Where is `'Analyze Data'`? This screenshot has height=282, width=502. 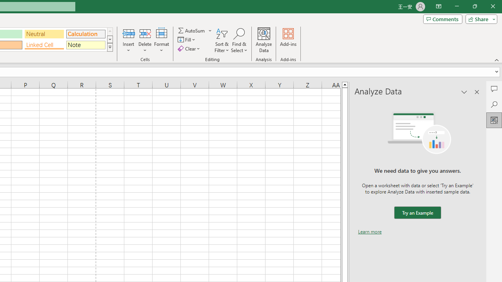
'Analyze Data' is located at coordinates (264, 40).